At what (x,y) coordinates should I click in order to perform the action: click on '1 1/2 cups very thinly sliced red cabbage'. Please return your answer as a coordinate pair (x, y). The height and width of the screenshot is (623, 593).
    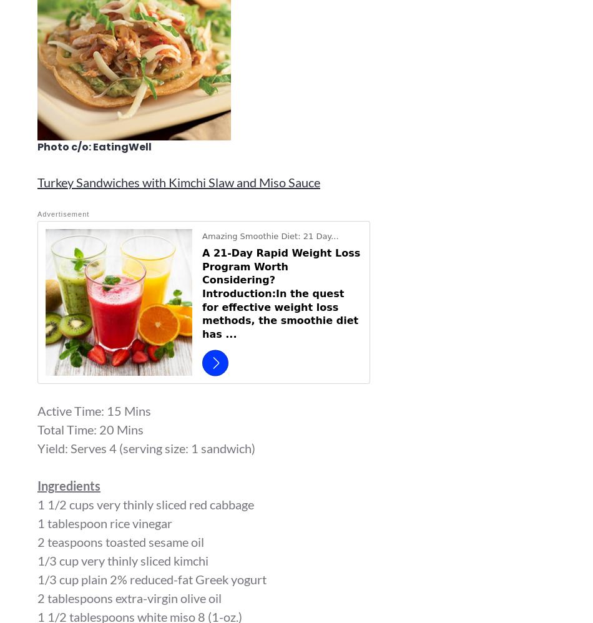
    Looking at the image, I should click on (37, 504).